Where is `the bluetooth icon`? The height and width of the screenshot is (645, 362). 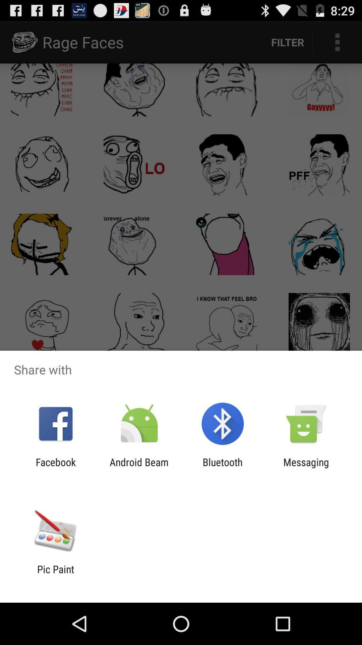 the bluetooth icon is located at coordinates (223, 468).